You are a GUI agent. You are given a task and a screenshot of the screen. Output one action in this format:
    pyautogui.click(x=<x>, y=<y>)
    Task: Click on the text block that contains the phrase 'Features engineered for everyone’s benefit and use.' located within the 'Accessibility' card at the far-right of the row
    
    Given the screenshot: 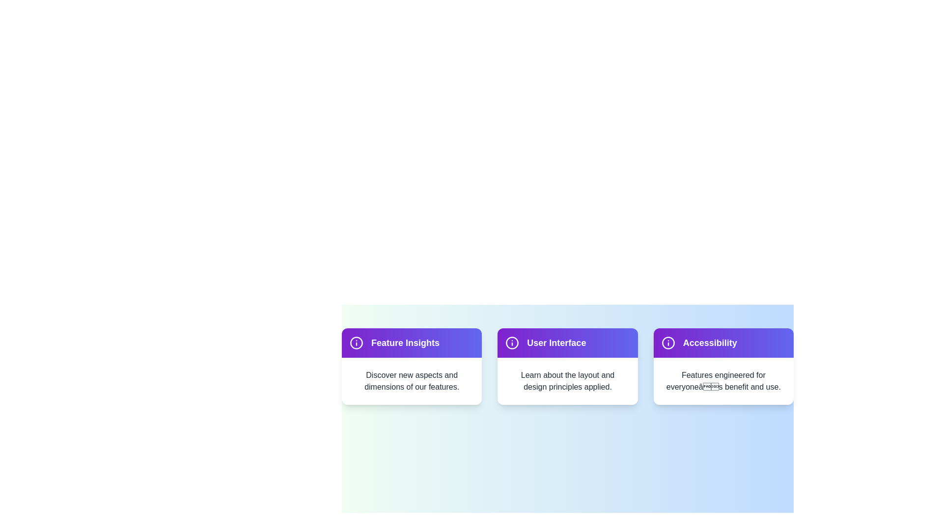 What is the action you would take?
    pyautogui.click(x=723, y=380)
    